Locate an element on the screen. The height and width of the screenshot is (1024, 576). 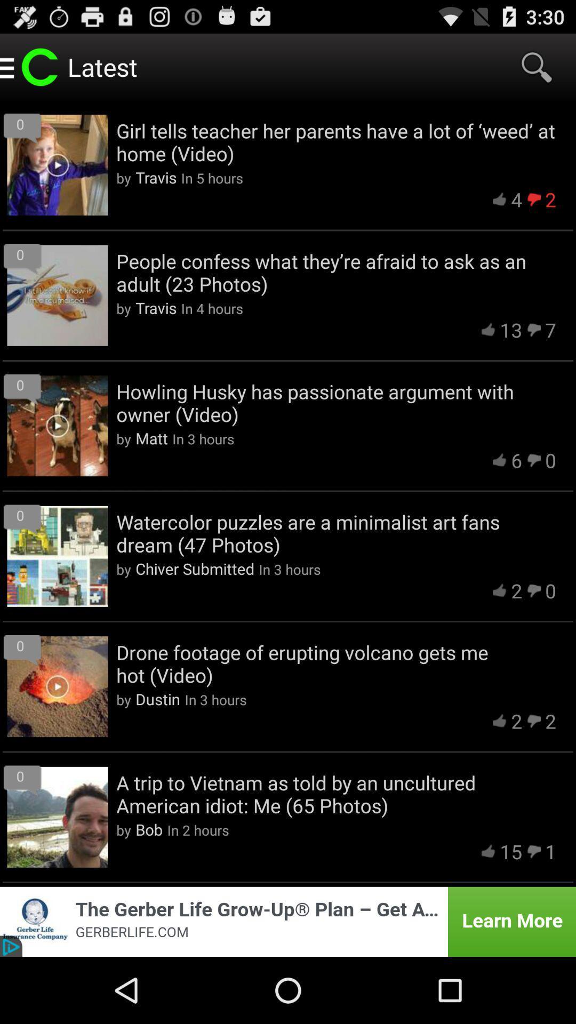
item to the left of the in 3 hours item is located at coordinates (195, 568).